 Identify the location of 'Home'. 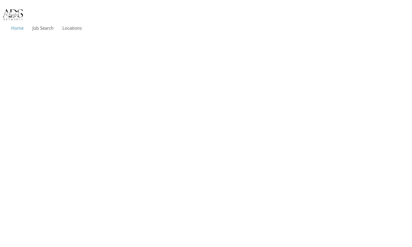
(17, 28).